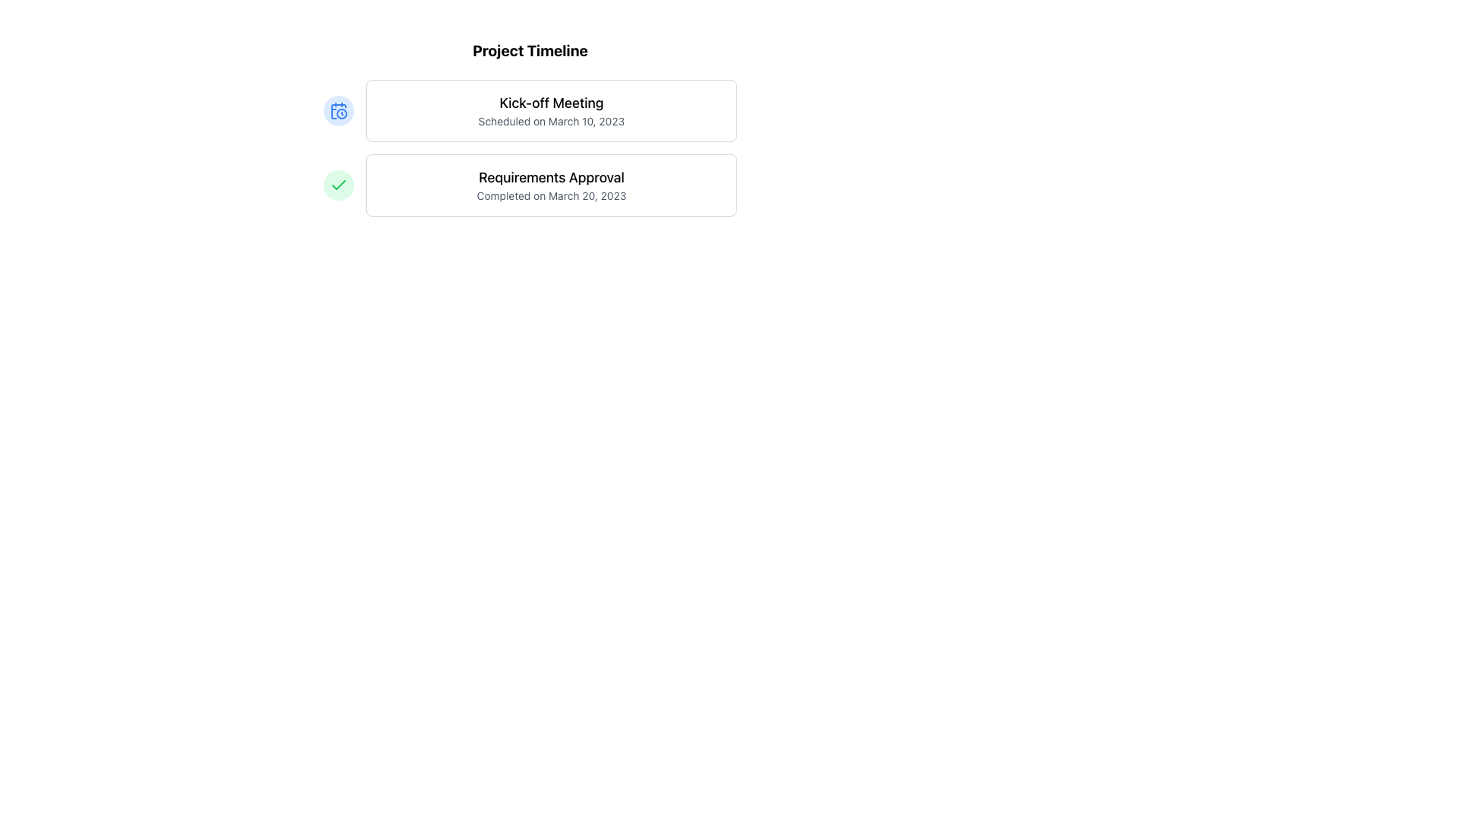 Image resolution: width=1459 pixels, height=821 pixels. I want to click on the Information Card that displays the milestone 'Requirements Approval' with a checkmark icon, located below the 'Kick-off Meeting' in the Project Timeline list, so click(530, 184).